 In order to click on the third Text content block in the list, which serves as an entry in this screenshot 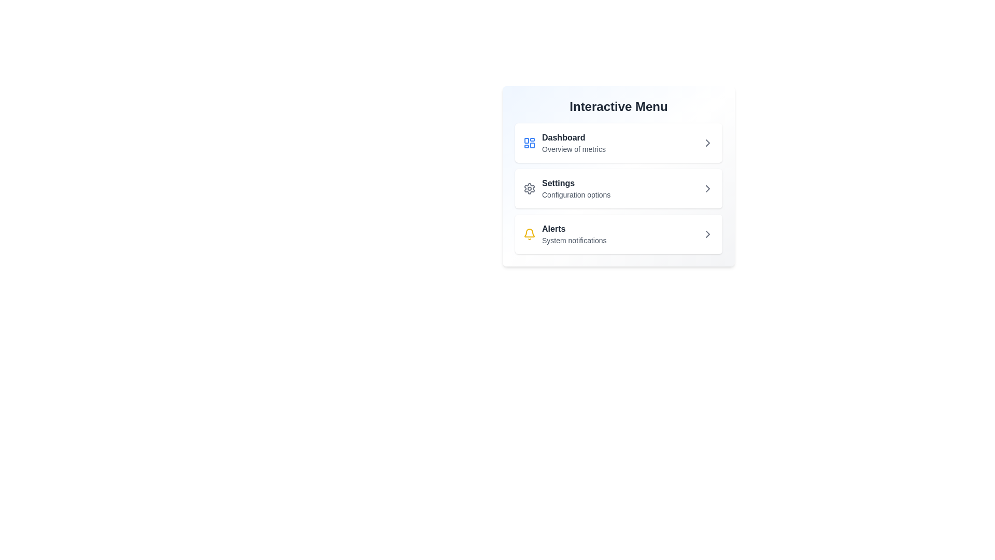, I will do `click(574, 234)`.